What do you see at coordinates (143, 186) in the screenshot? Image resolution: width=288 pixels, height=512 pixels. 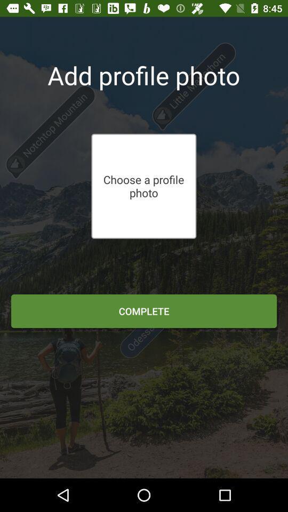 I see `the choose a profile item` at bounding box center [143, 186].